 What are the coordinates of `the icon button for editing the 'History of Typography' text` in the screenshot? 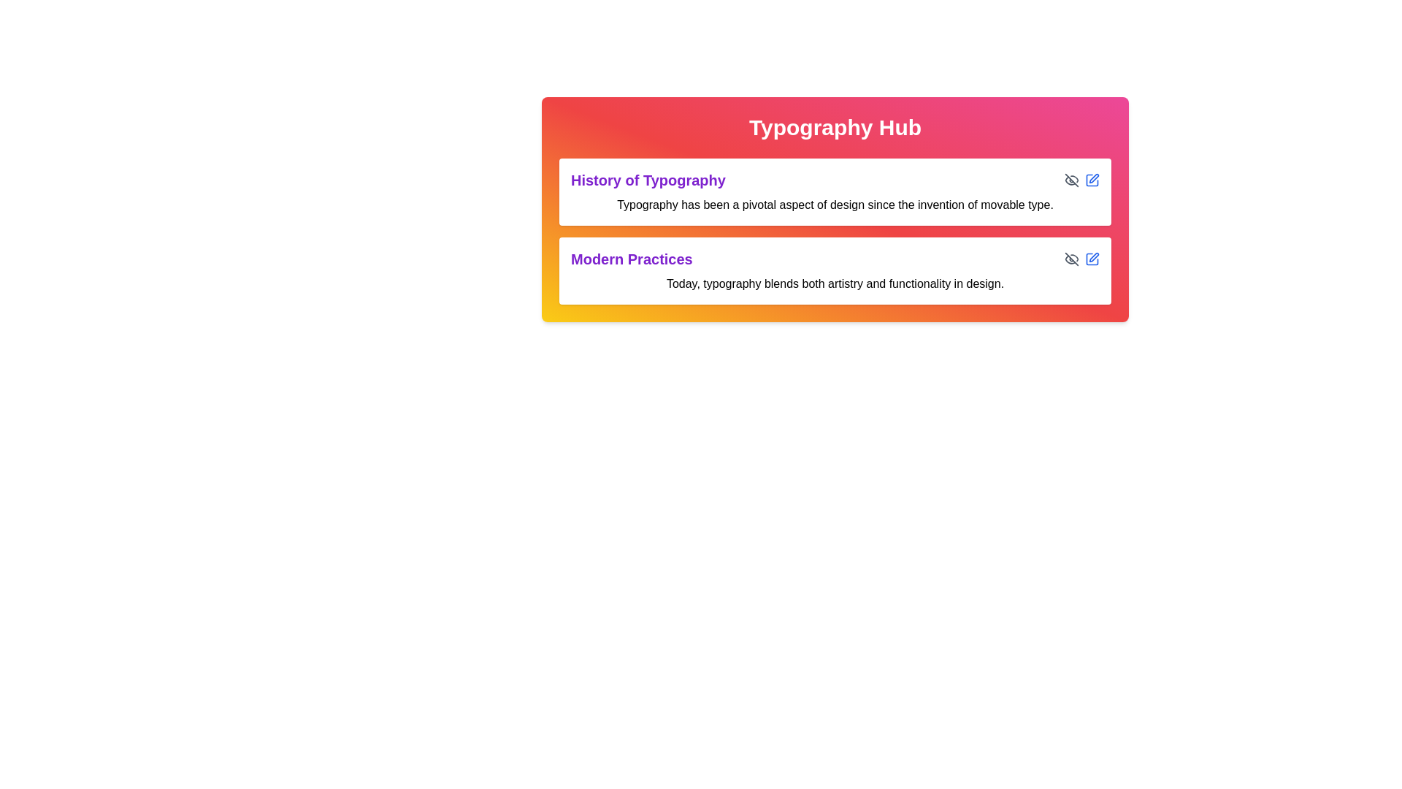 It's located at (1092, 179).